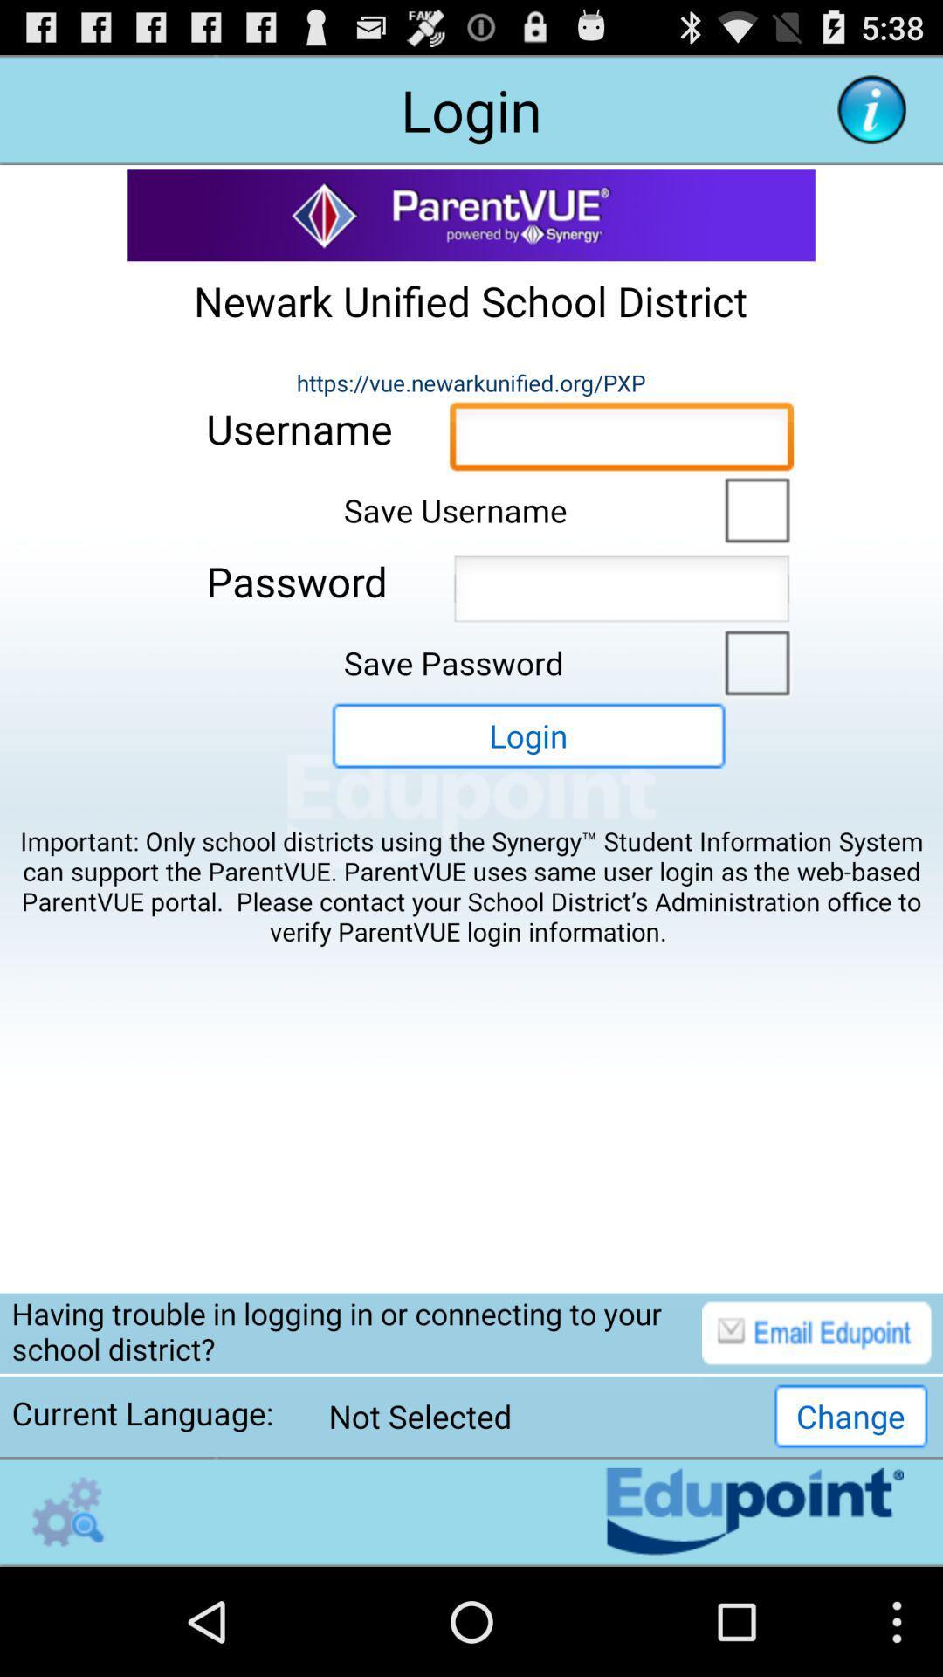 Image resolution: width=943 pixels, height=1677 pixels. What do you see at coordinates (67, 1617) in the screenshot?
I see `the settings icon` at bounding box center [67, 1617].